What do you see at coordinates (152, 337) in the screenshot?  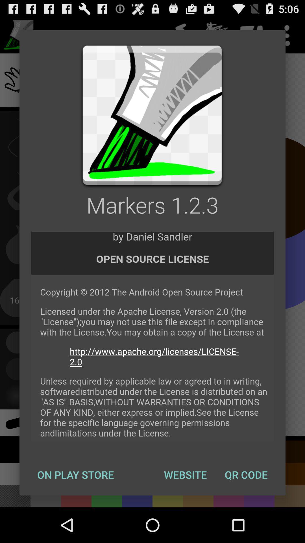 I see `link to website` at bounding box center [152, 337].